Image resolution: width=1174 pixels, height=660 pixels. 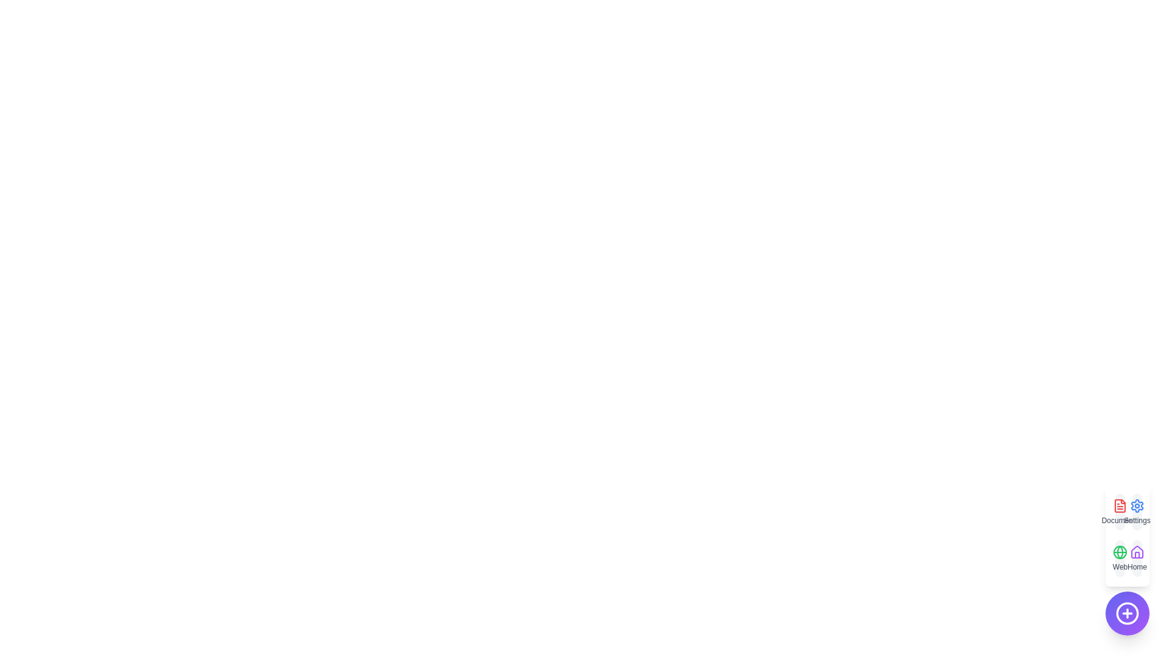 What do you see at coordinates (1137, 512) in the screenshot?
I see `the Settings option in the EnhancedSpeedDial component` at bounding box center [1137, 512].